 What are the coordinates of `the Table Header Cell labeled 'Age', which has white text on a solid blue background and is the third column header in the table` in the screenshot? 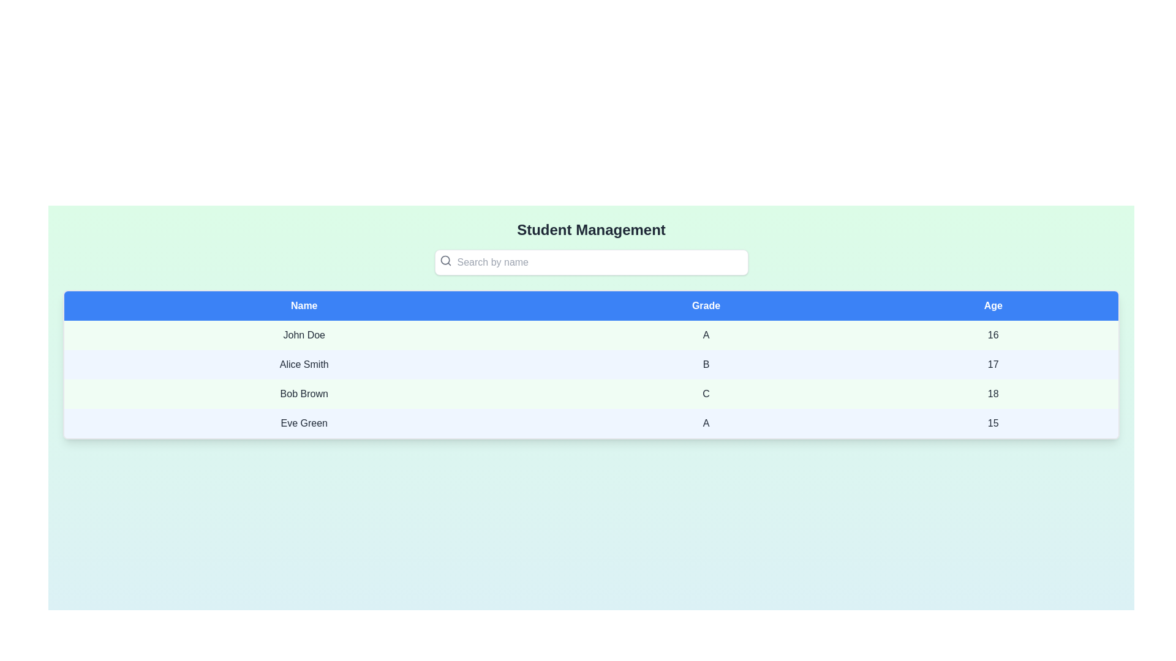 It's located at (993, 305).